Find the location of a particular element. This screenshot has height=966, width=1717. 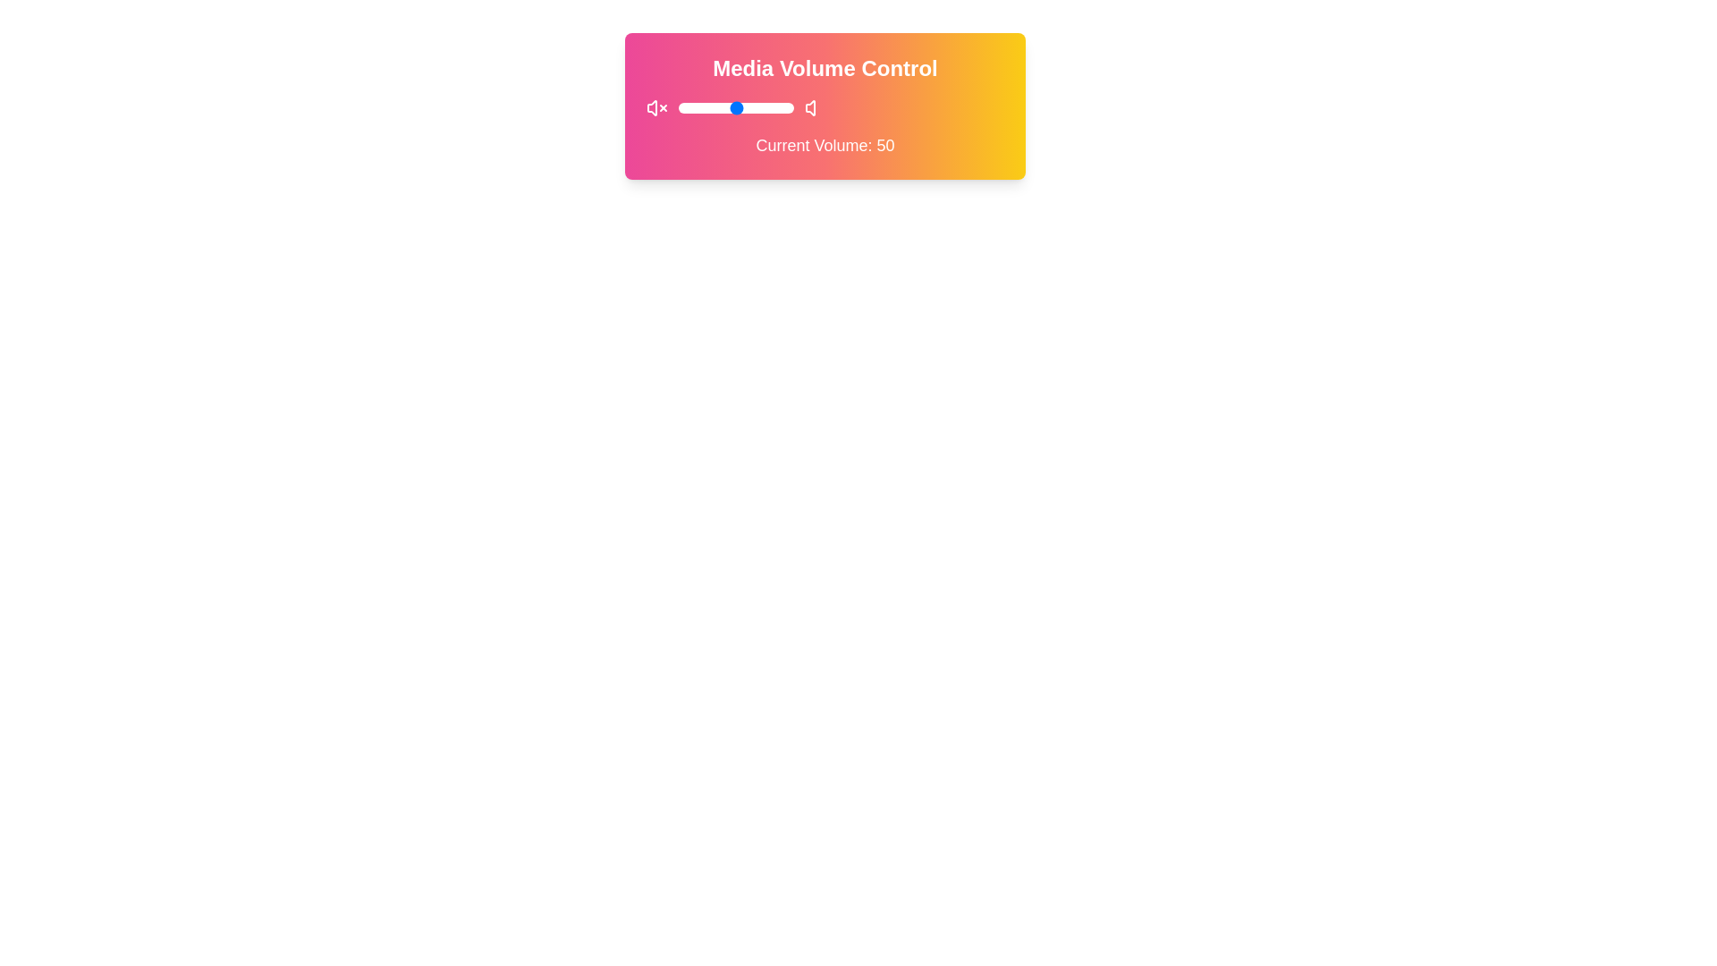

the volume to 93 by sliding the control is located at coordinates (785, 107).